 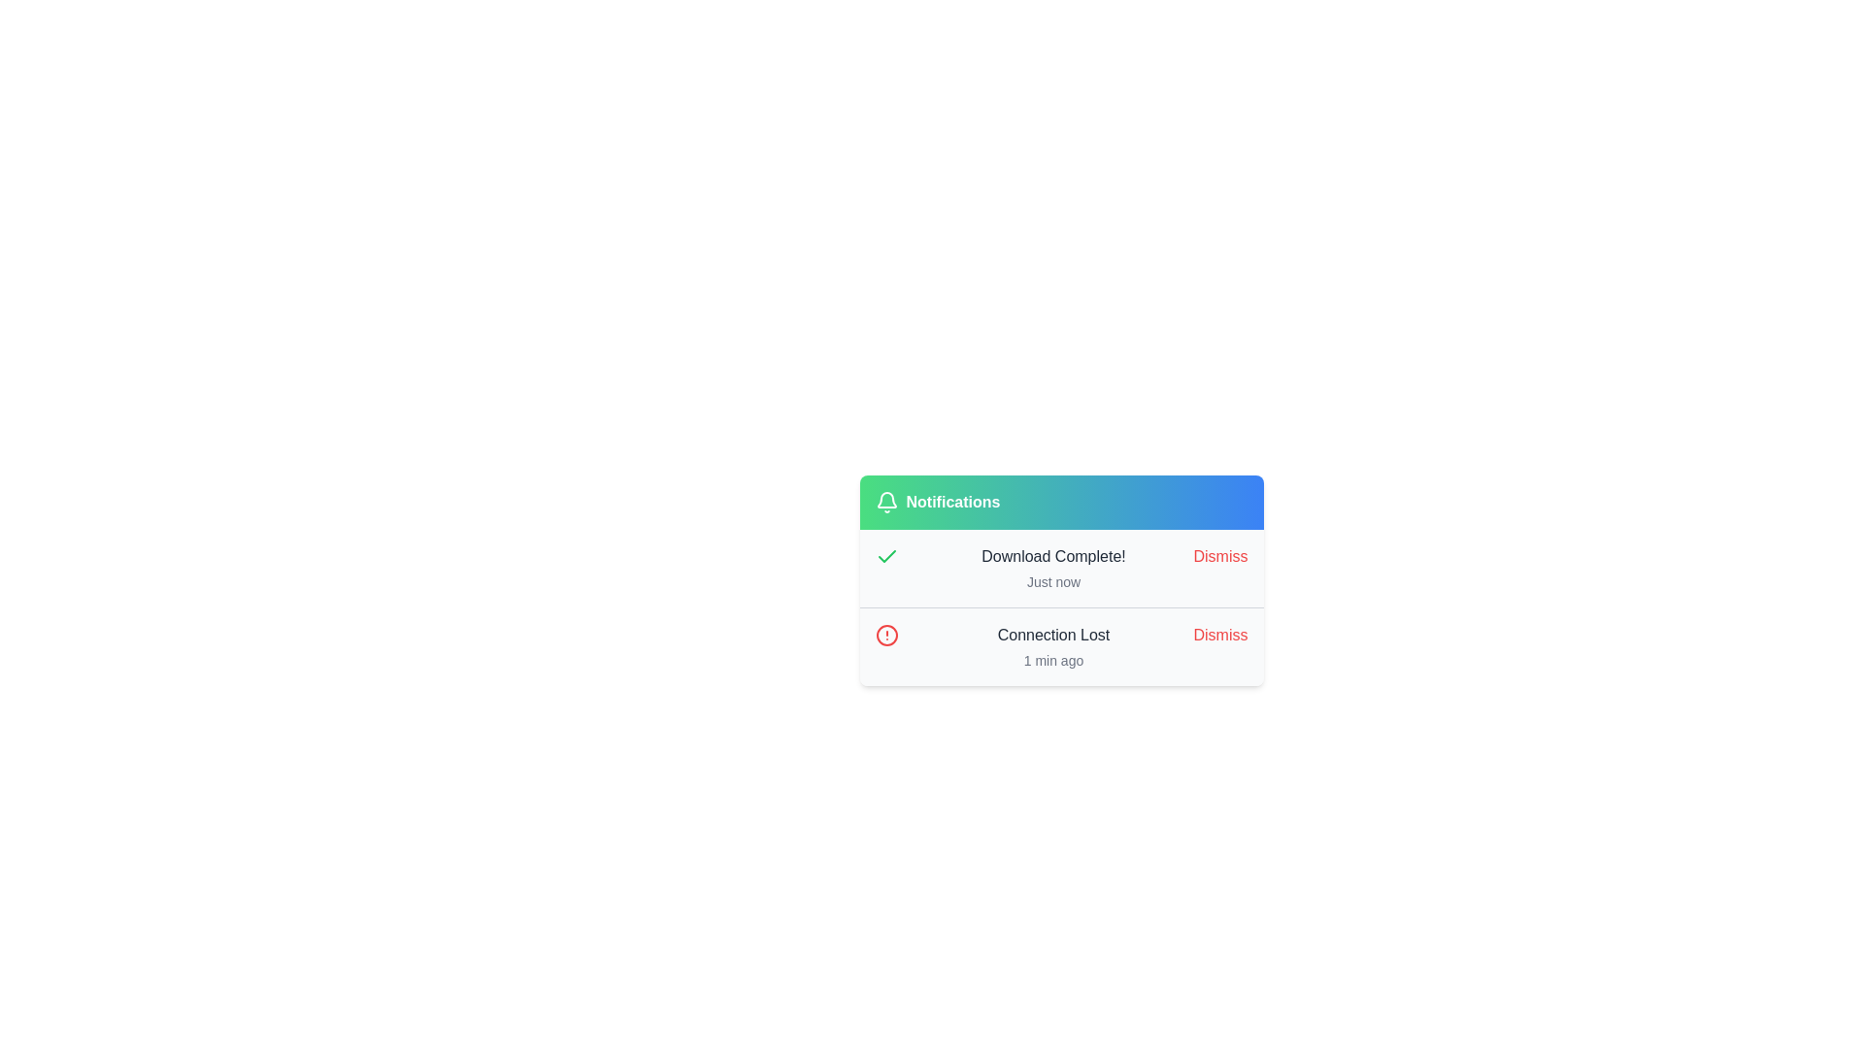 I want to click on notification message titled 'Download Complete!' with the timestamp 'Just now' displayed in the notification list, so click(x=1052, y=568).